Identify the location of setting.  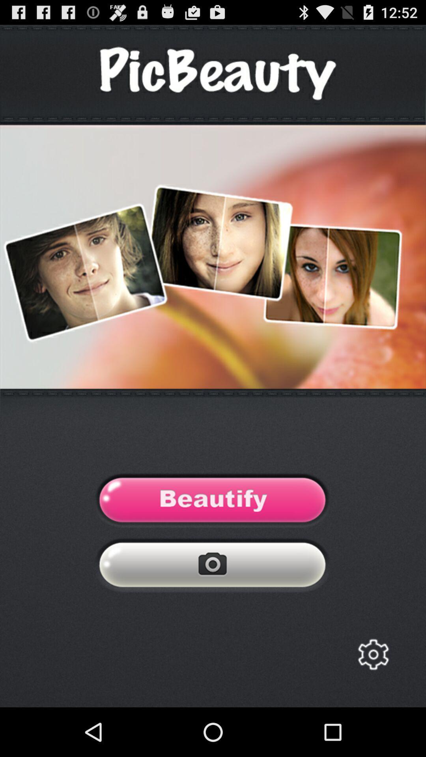
(373, 654).